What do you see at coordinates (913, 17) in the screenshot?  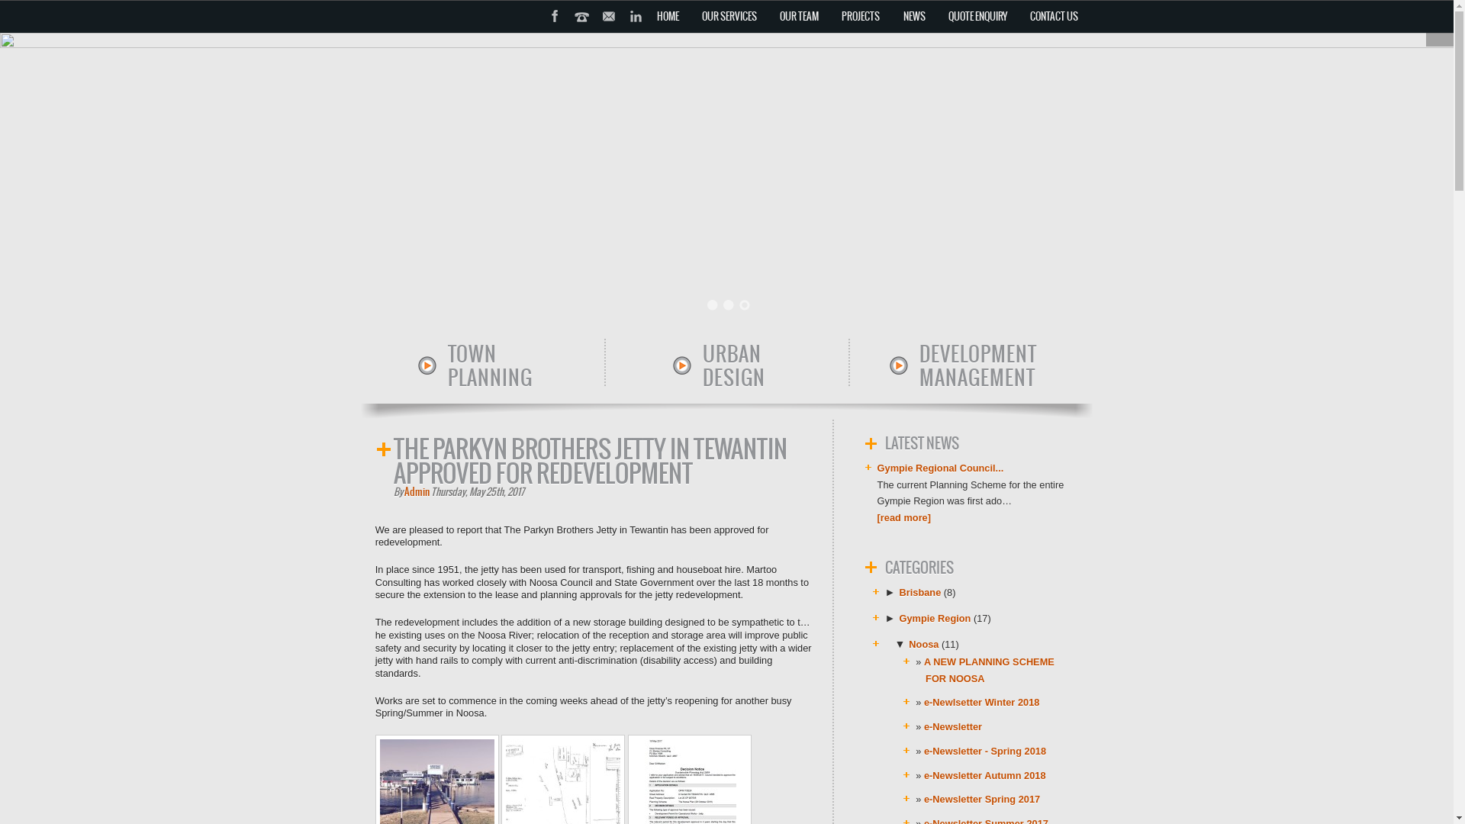 I see `'NEWS'` at bounding box center [913, 17].